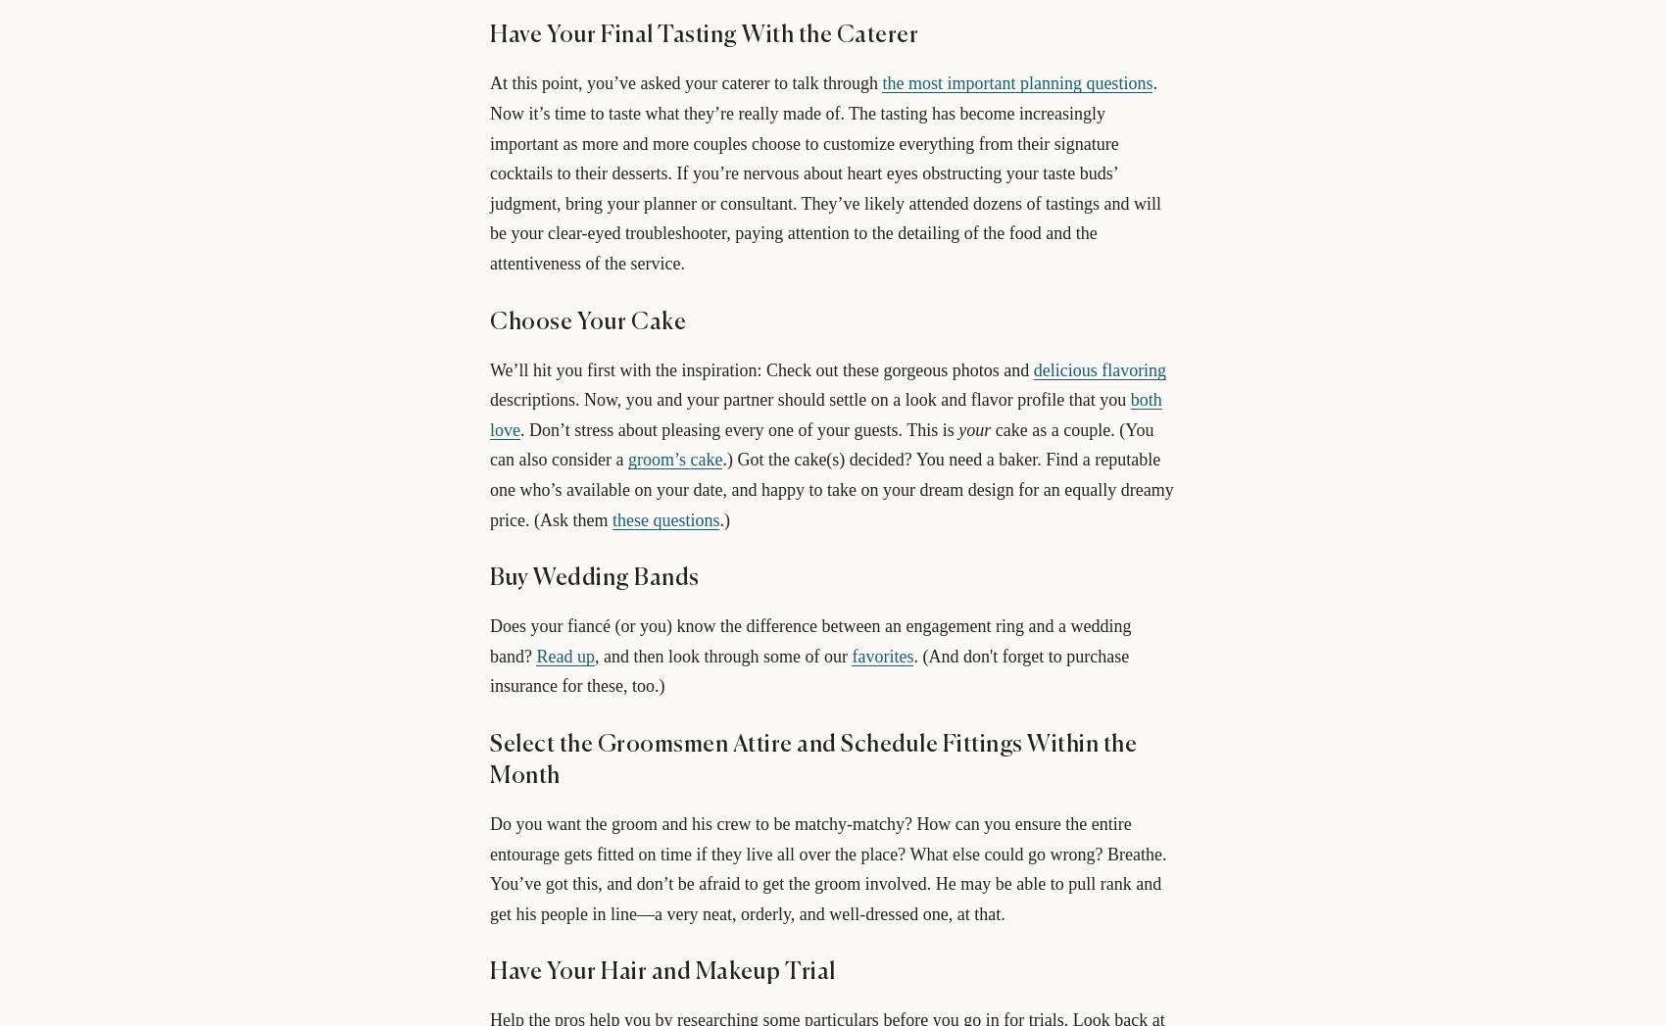  I want to click on 'cake as a couple. (You can also consider a', so click(820, 444).